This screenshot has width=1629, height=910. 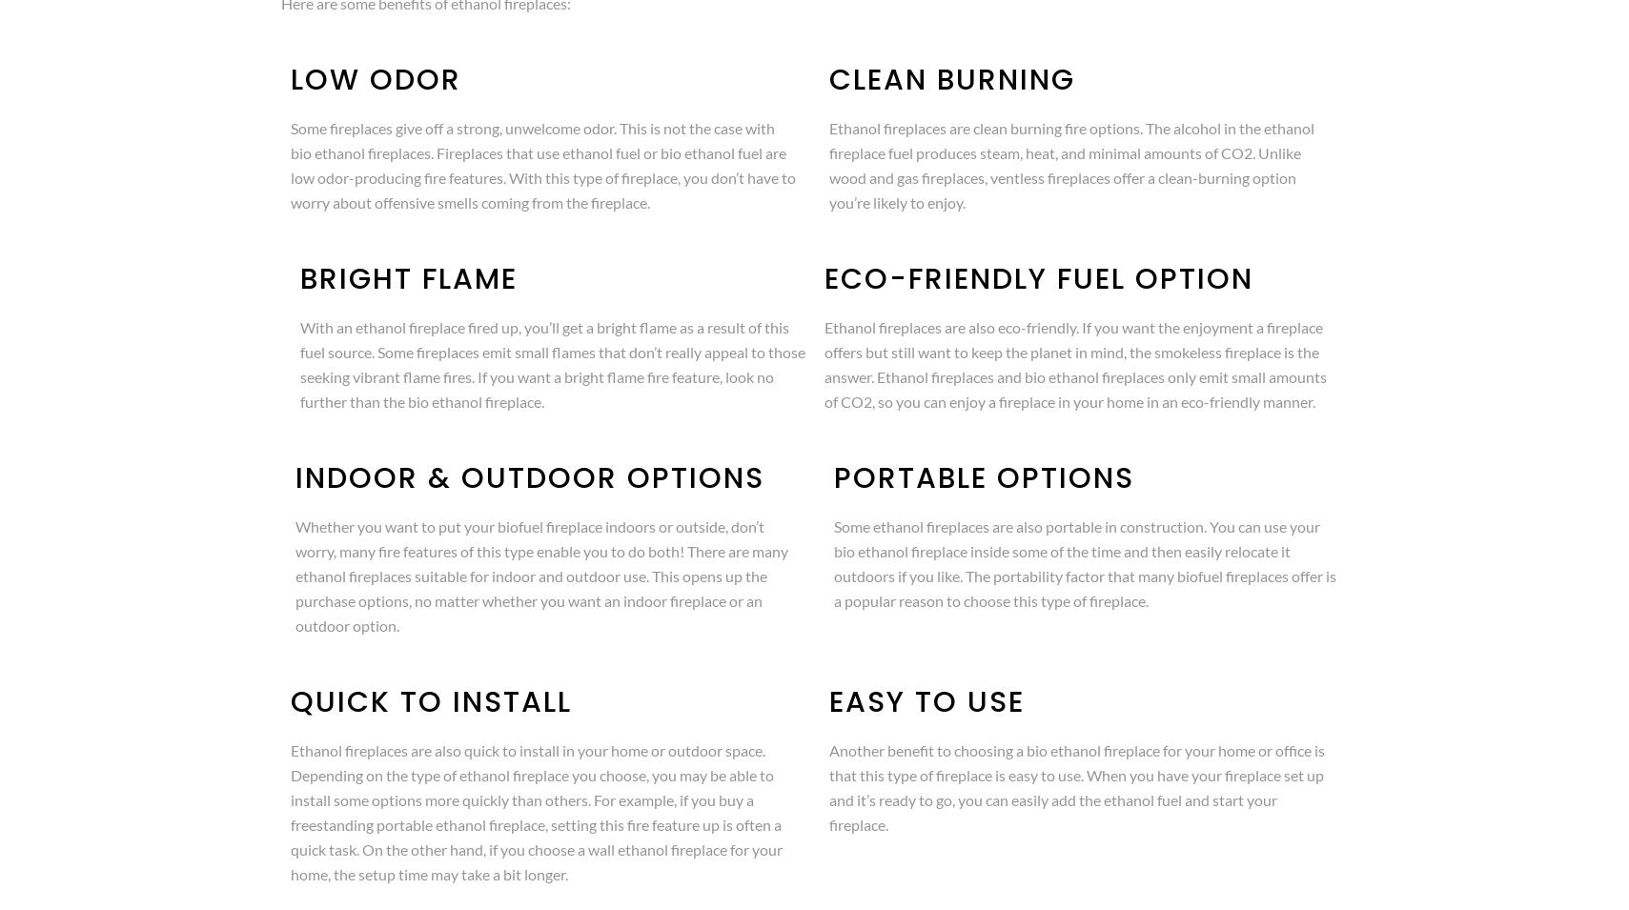 What do you see at coordinates (293, 478) in the screenshot?
I see `'Indoor & Outdoor Options'` at bounding box center [293, 478].